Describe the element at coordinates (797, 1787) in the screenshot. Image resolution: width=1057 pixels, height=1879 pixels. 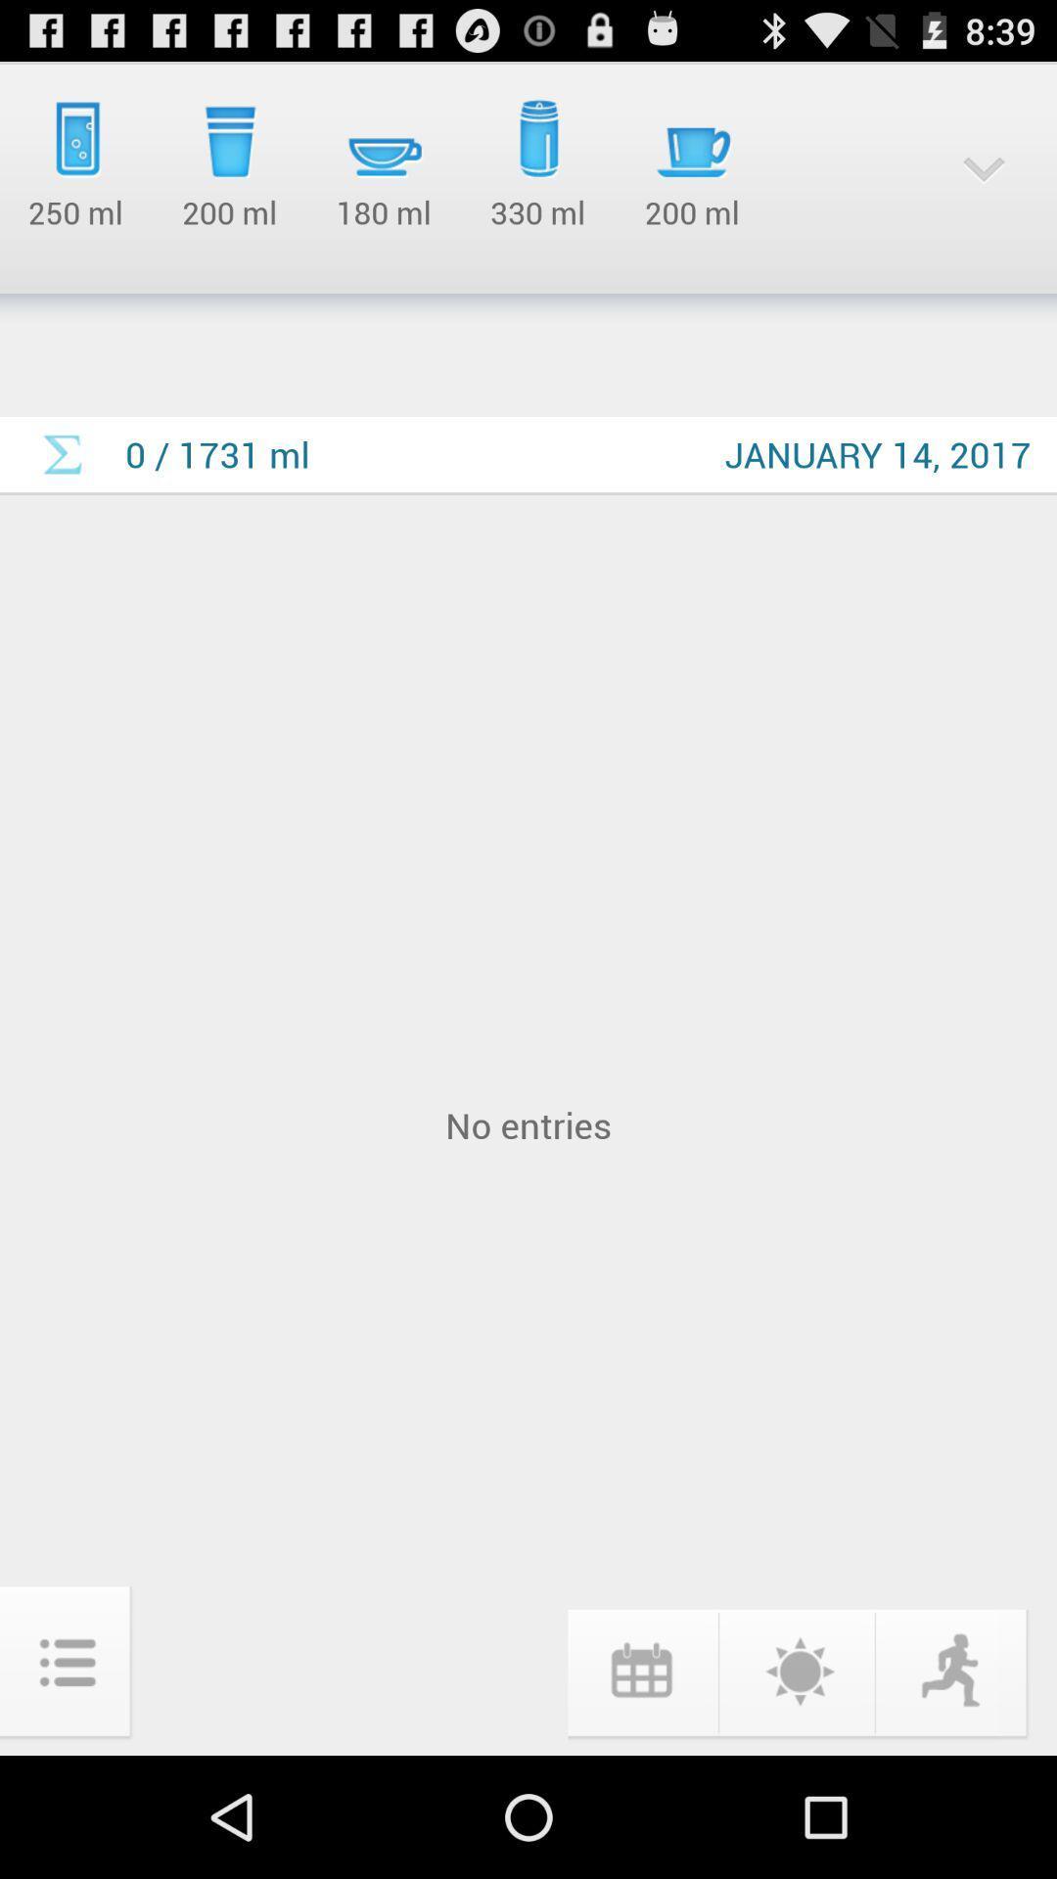
I see `the weather icon` at that location.